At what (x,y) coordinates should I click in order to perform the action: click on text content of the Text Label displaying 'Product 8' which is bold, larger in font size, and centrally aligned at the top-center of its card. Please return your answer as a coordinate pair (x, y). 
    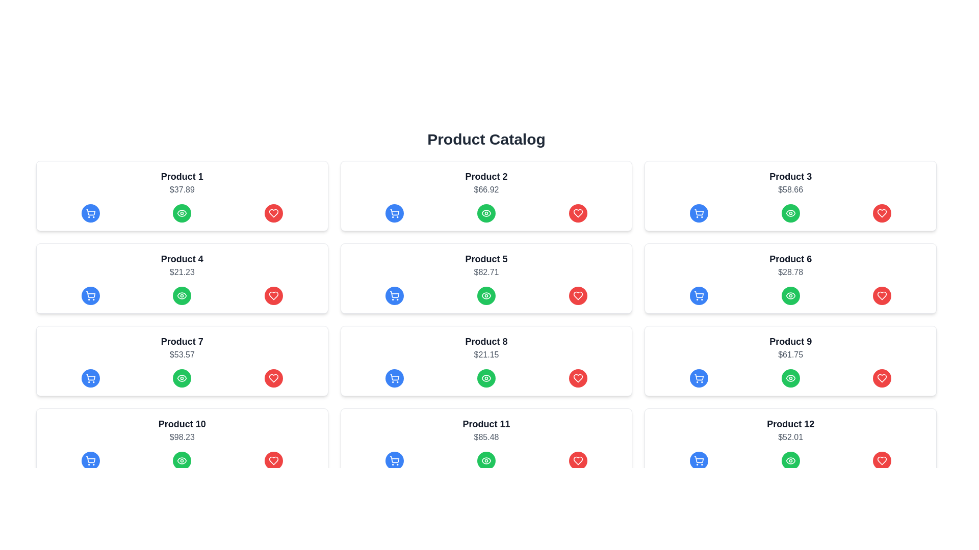
    Looking at the image, I should click on (486, 342).